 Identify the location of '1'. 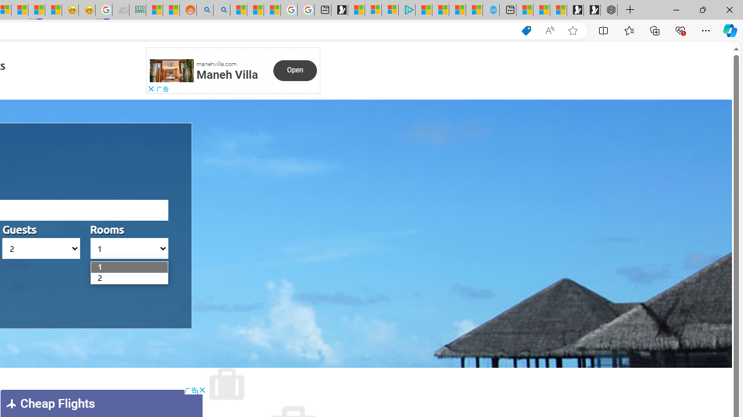
(97, 267).